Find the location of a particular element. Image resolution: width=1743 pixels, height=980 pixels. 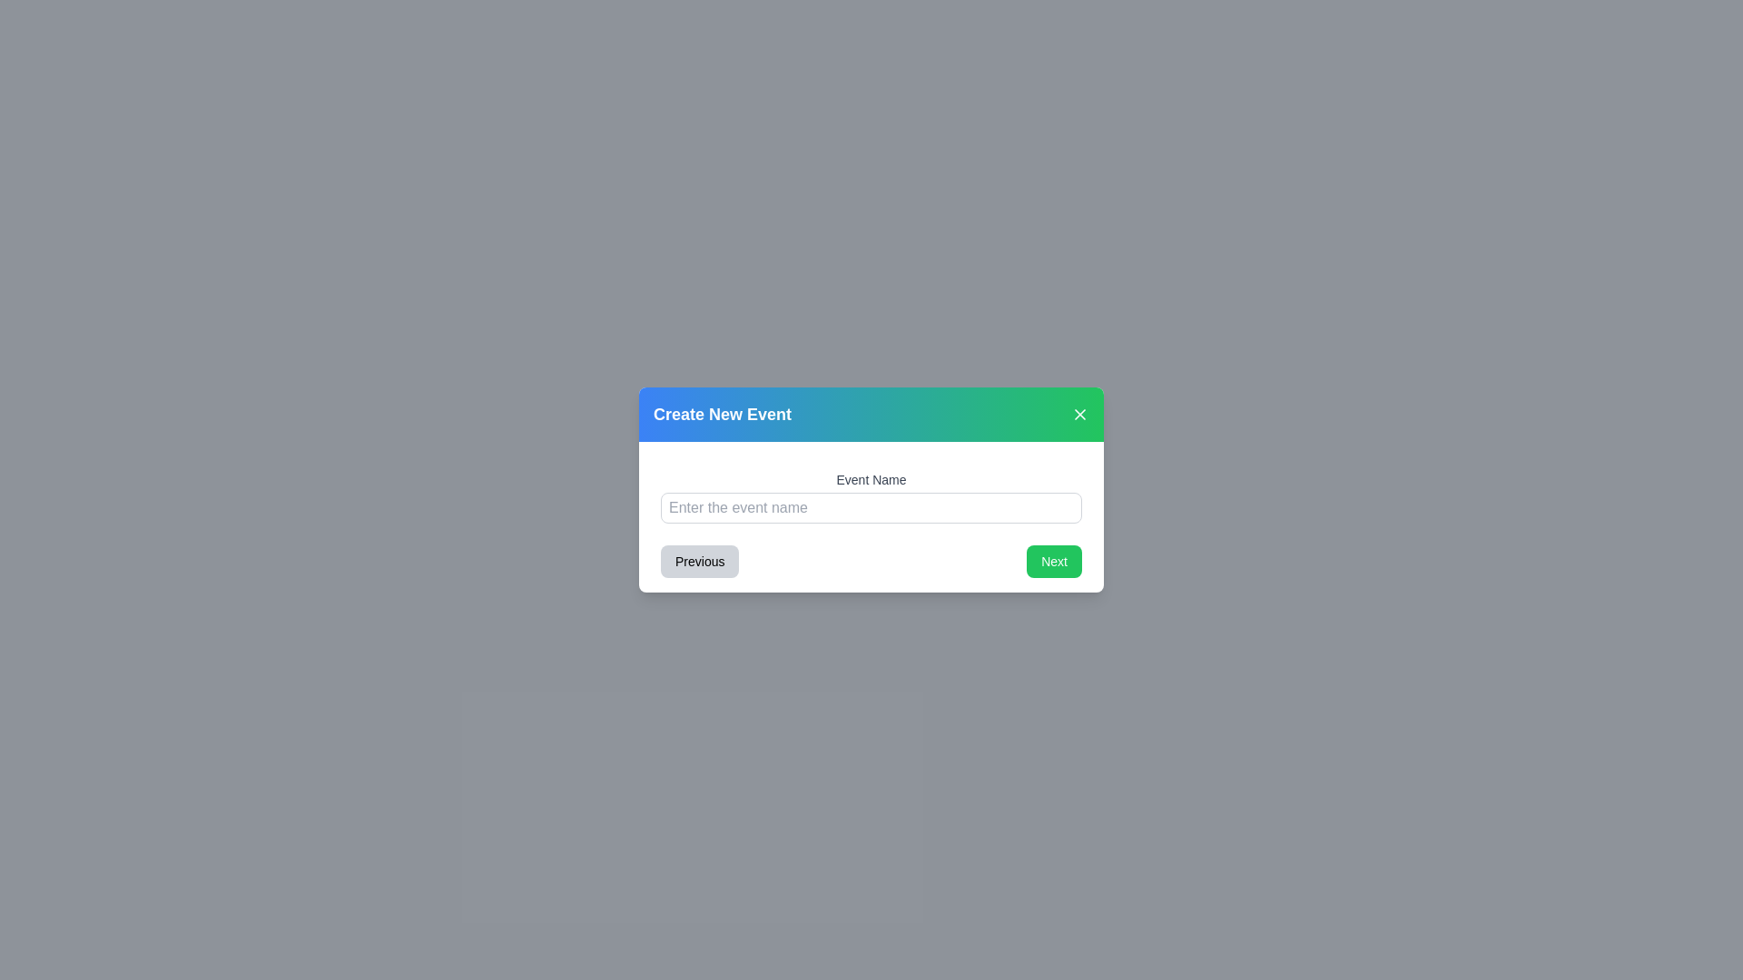

the Close button represented by a cross icon in the top-right corner of the 'Create New Event' modal is located at coordinates (1080, 414).